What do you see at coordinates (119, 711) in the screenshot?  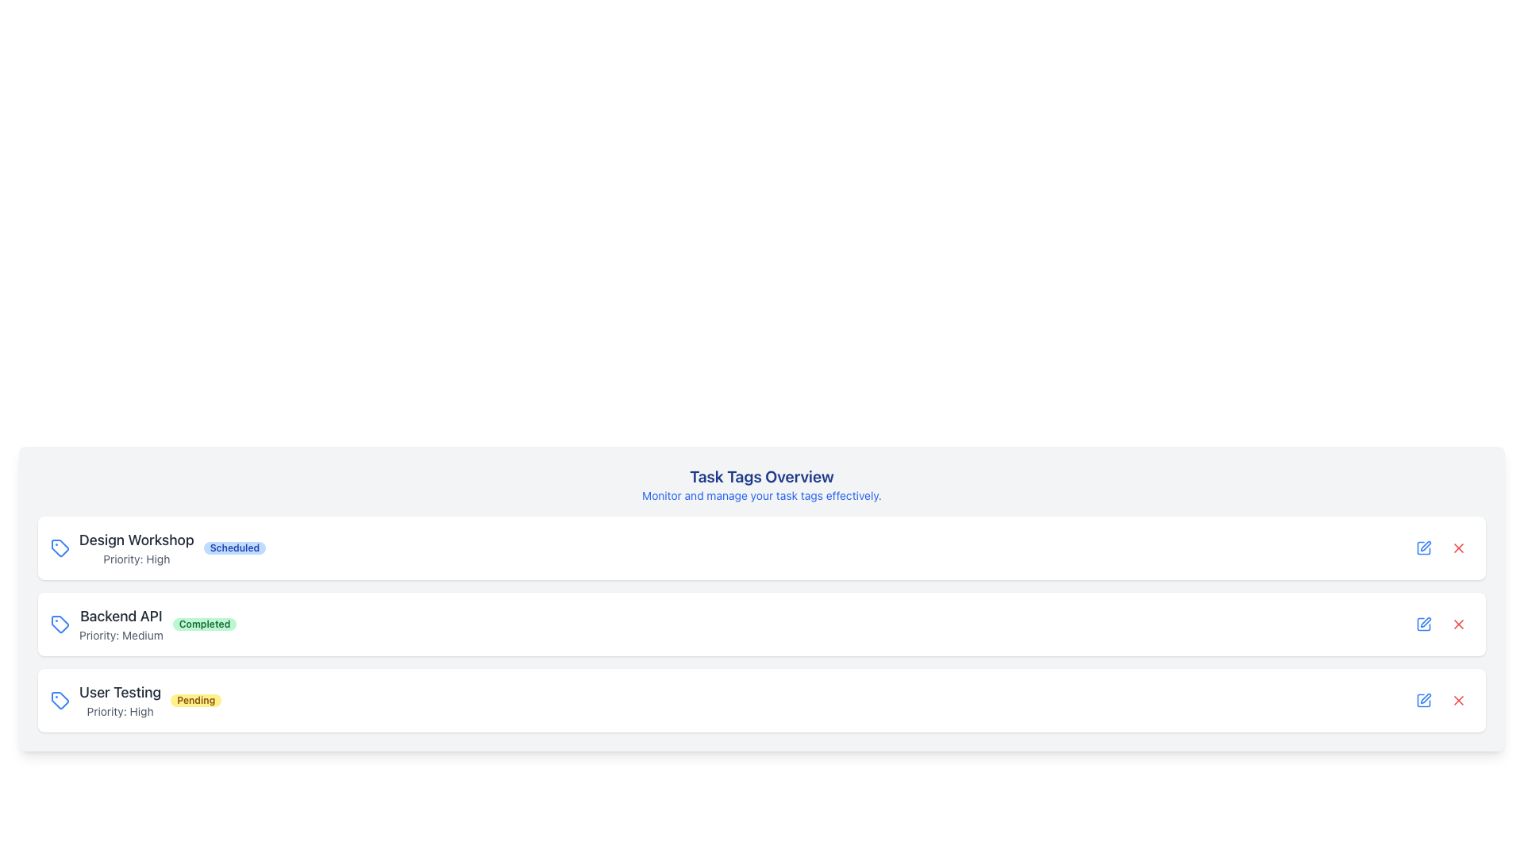 I see `the text label indicating the priority level of the associated task, located in the lower-left section of its containing card, directly below the 'User Testing' label` at bounding box center [119, 711].